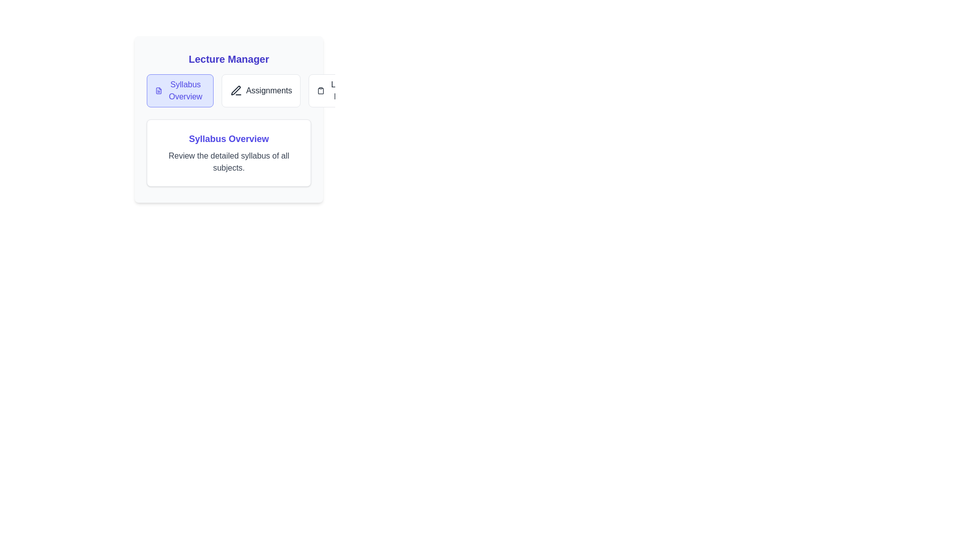 This screenshot has width=965, height=542. I want to click on the document-like icon with a folded corner located near the top-right of the interface, adjacent to the 'Assignments' and 'Lecture Manager' buttons, so click(158, 91).